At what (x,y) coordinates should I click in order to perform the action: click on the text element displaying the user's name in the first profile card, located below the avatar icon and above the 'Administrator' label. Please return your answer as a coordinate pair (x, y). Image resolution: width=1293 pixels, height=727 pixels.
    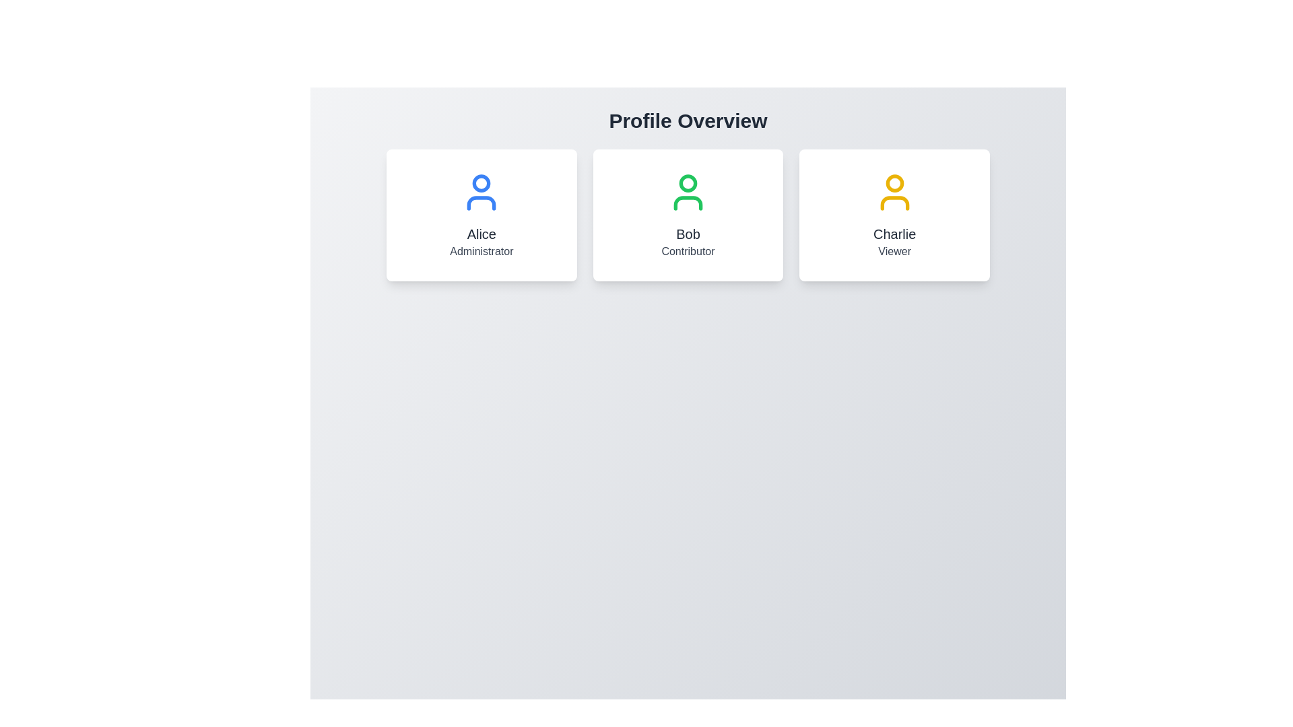
    Looking at the image, I should click on (482, 233).